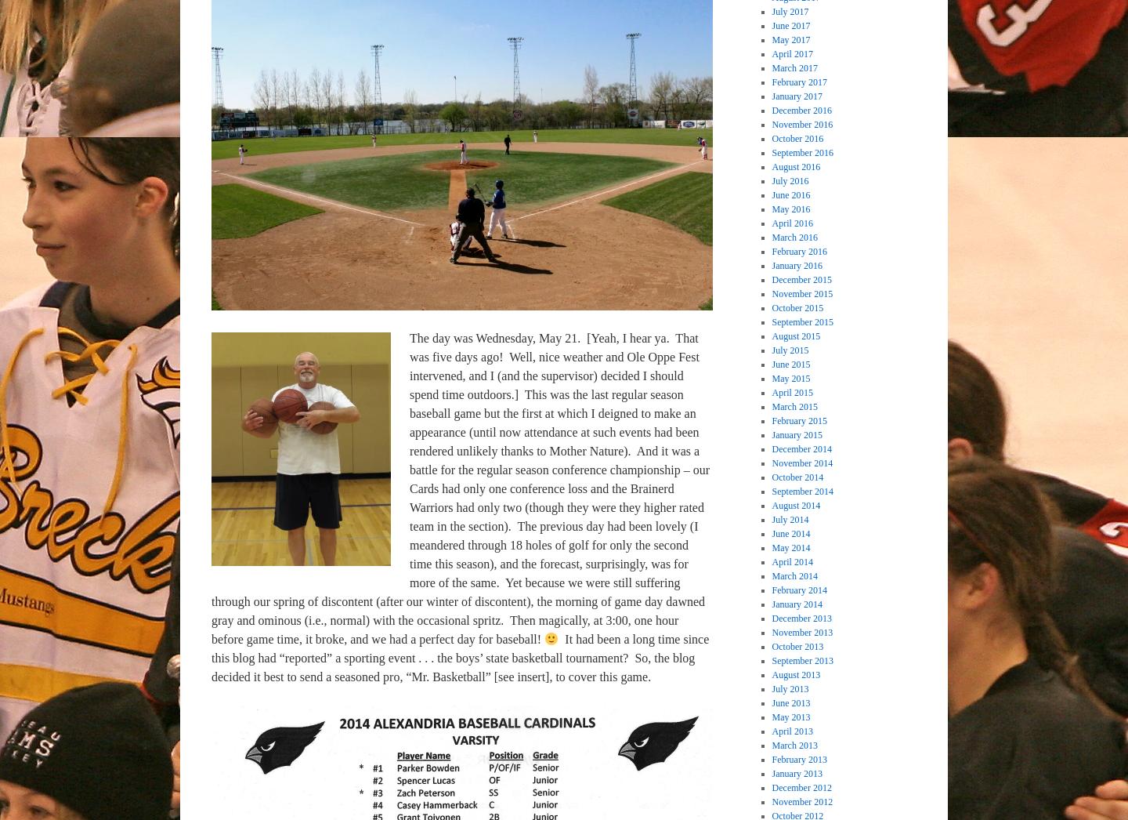 This screenshot has width=1128, height=820. I want to click on 'April 2016', so click(791, 222).